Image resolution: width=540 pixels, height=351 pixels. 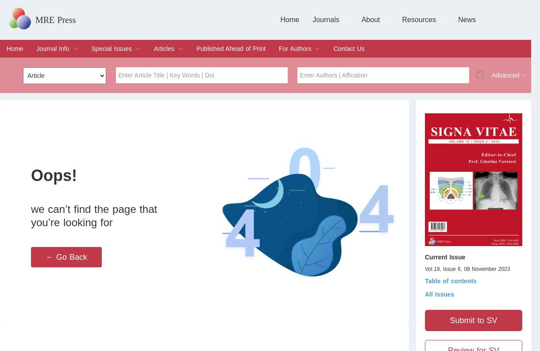 I want to click on 'Vol.19, Issue 6, 08 November 2023', so click(x=467, y=269).